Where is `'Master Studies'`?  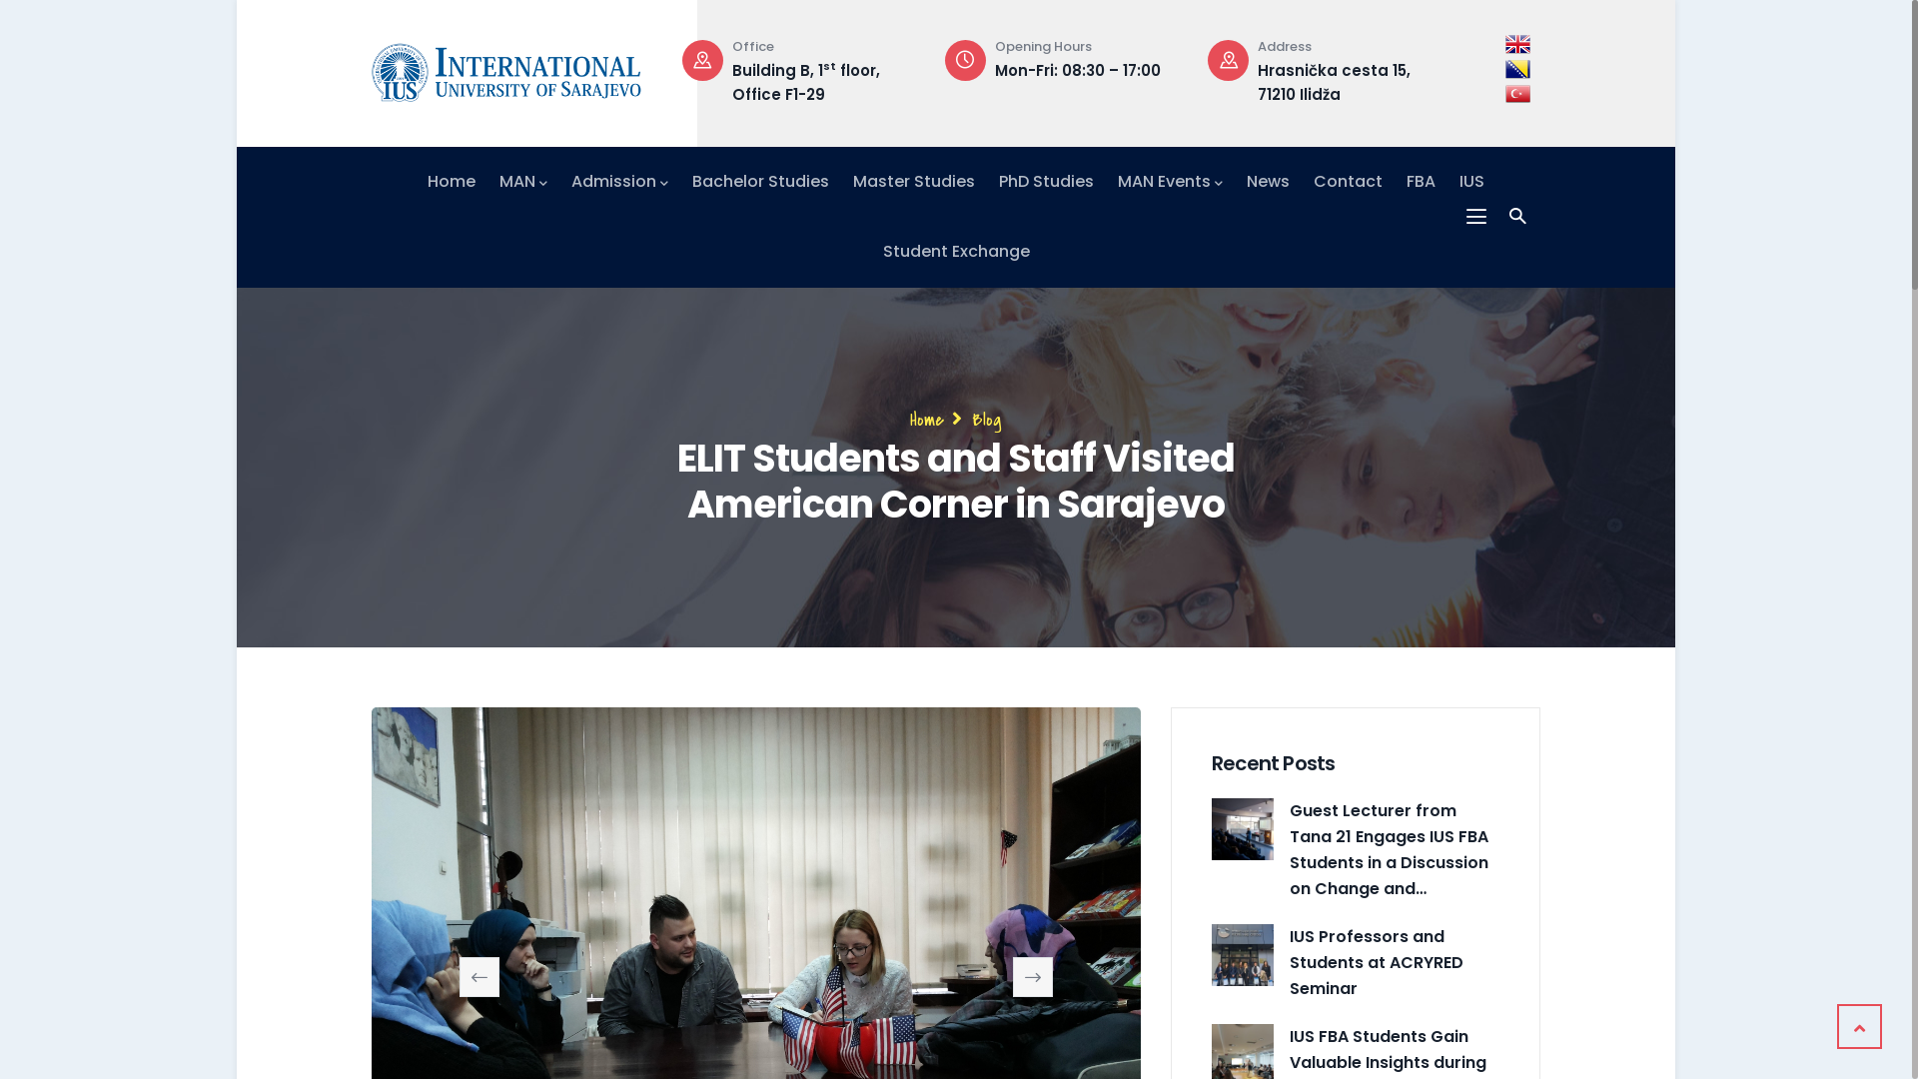
'Master Studies' is located at coordinates (913, 181).